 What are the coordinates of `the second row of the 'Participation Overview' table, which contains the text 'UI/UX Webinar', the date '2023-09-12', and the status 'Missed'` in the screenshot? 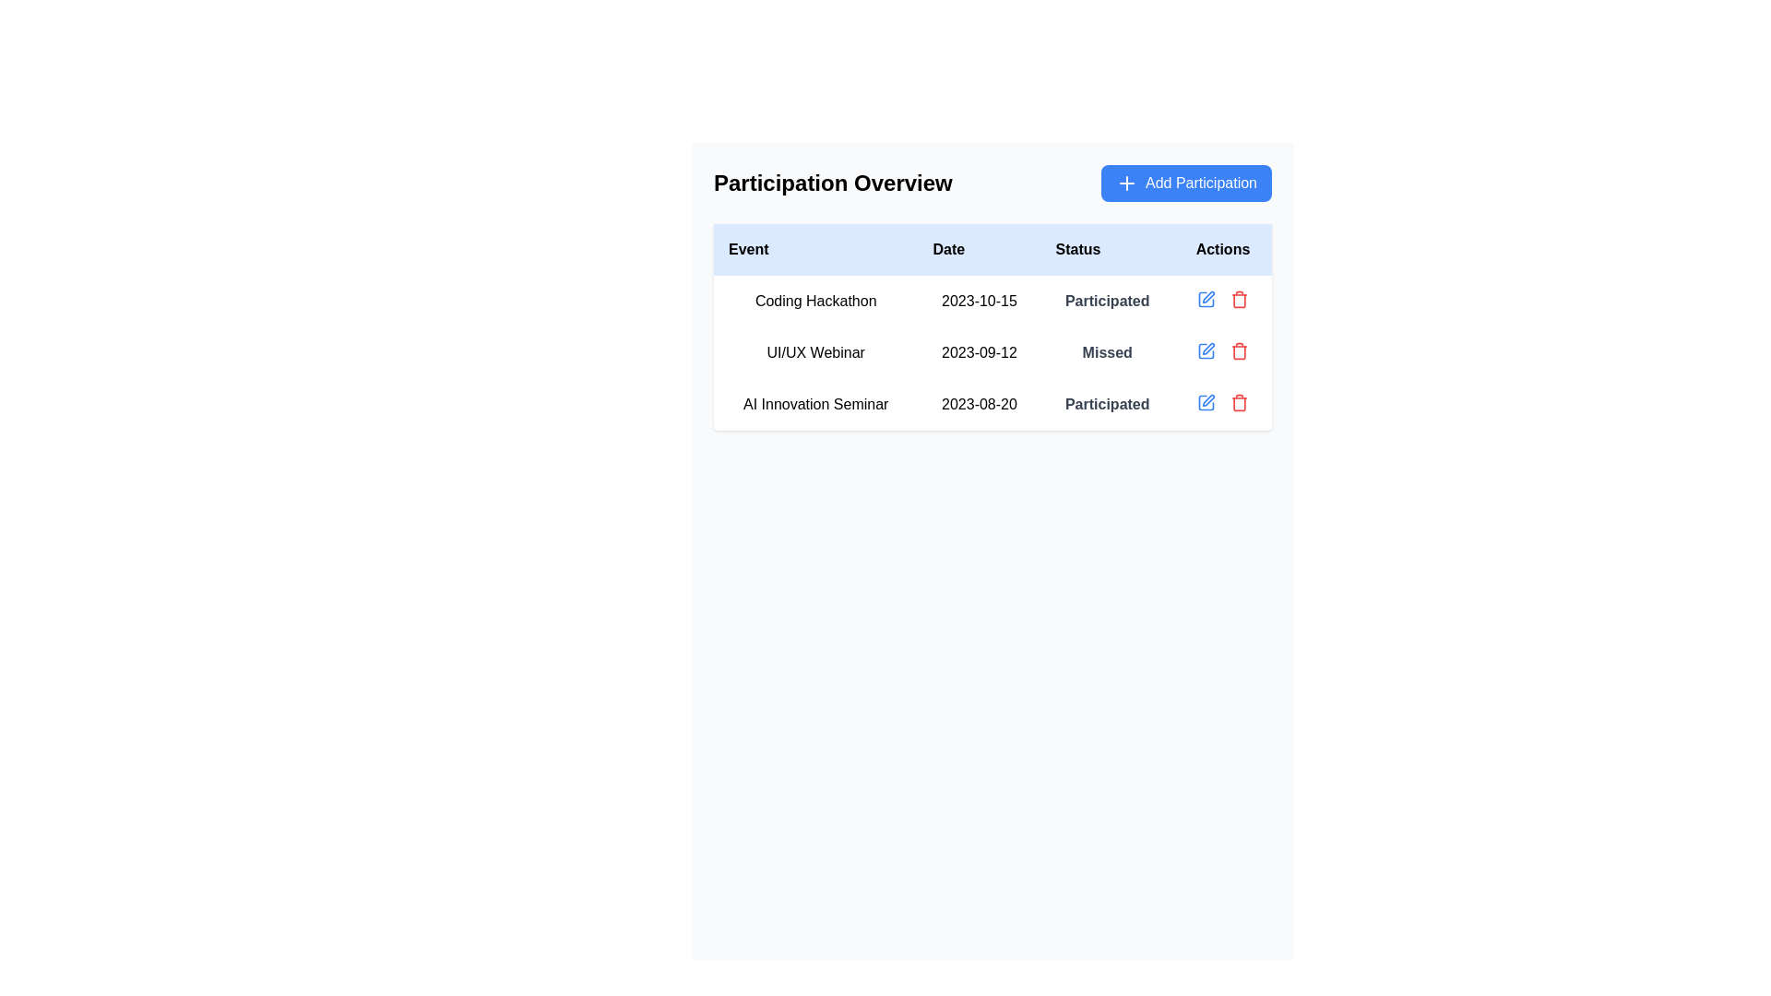 It's located at (992, 352).